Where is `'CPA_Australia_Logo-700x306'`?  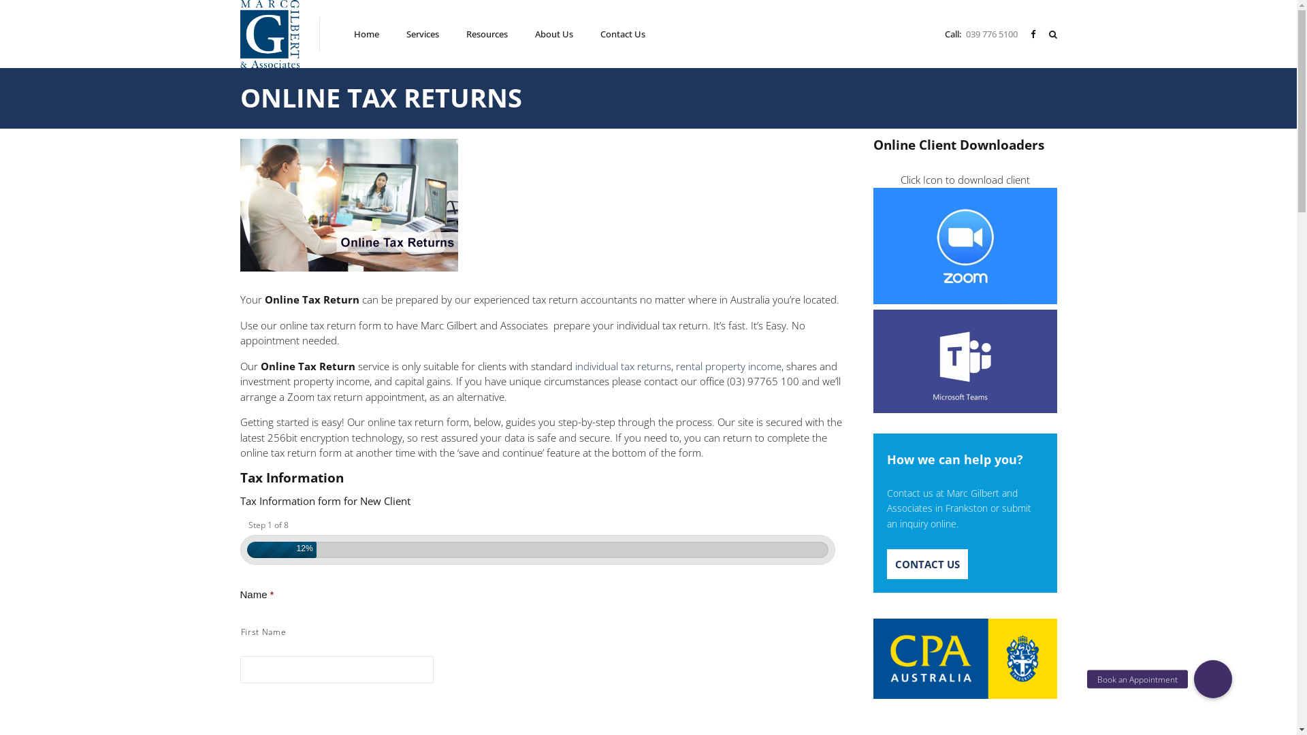 'CPA_Australia_Logo-700x306' is located at coordinates (963, 658).